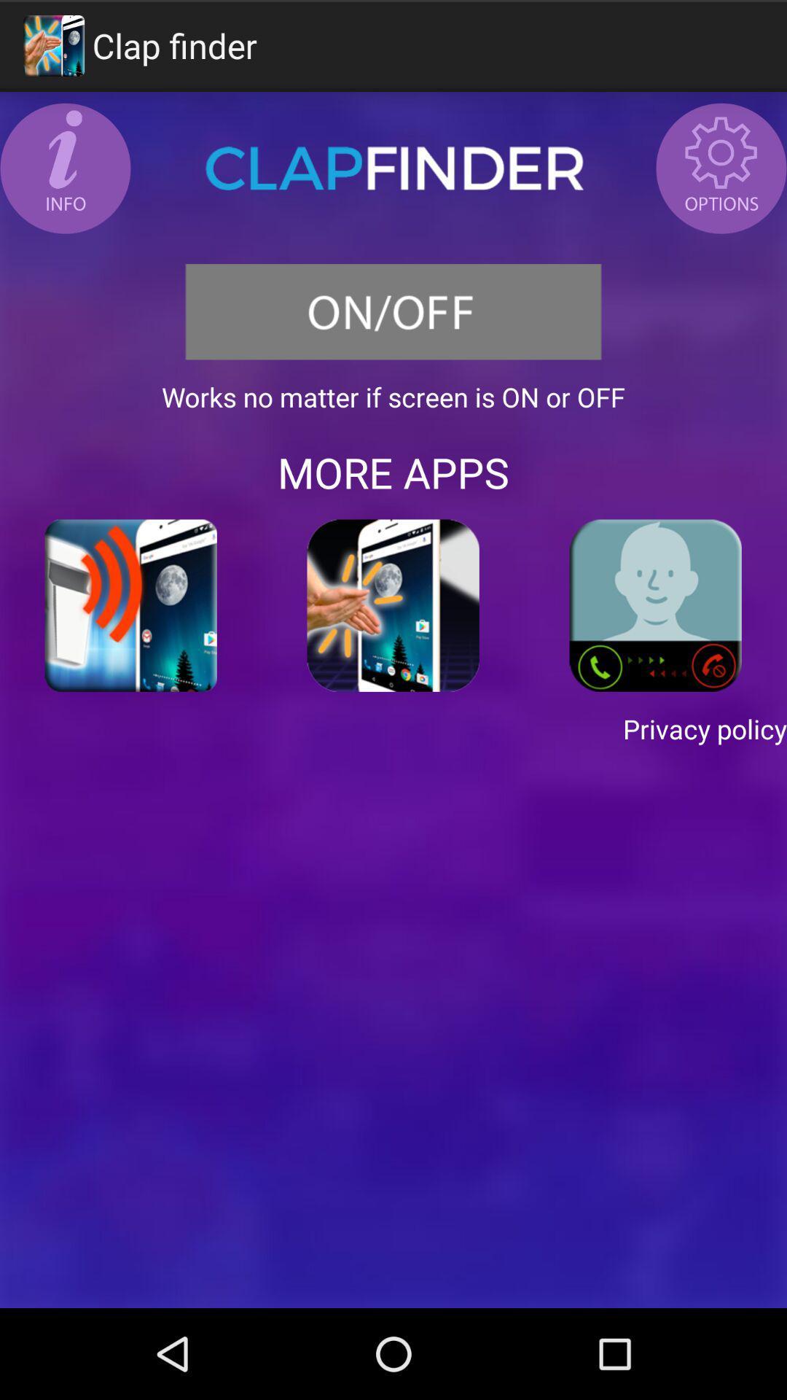 Image resolution: width=787 pixels, height=1400 pixels. I want to click on open options menu, so click(721, 168).